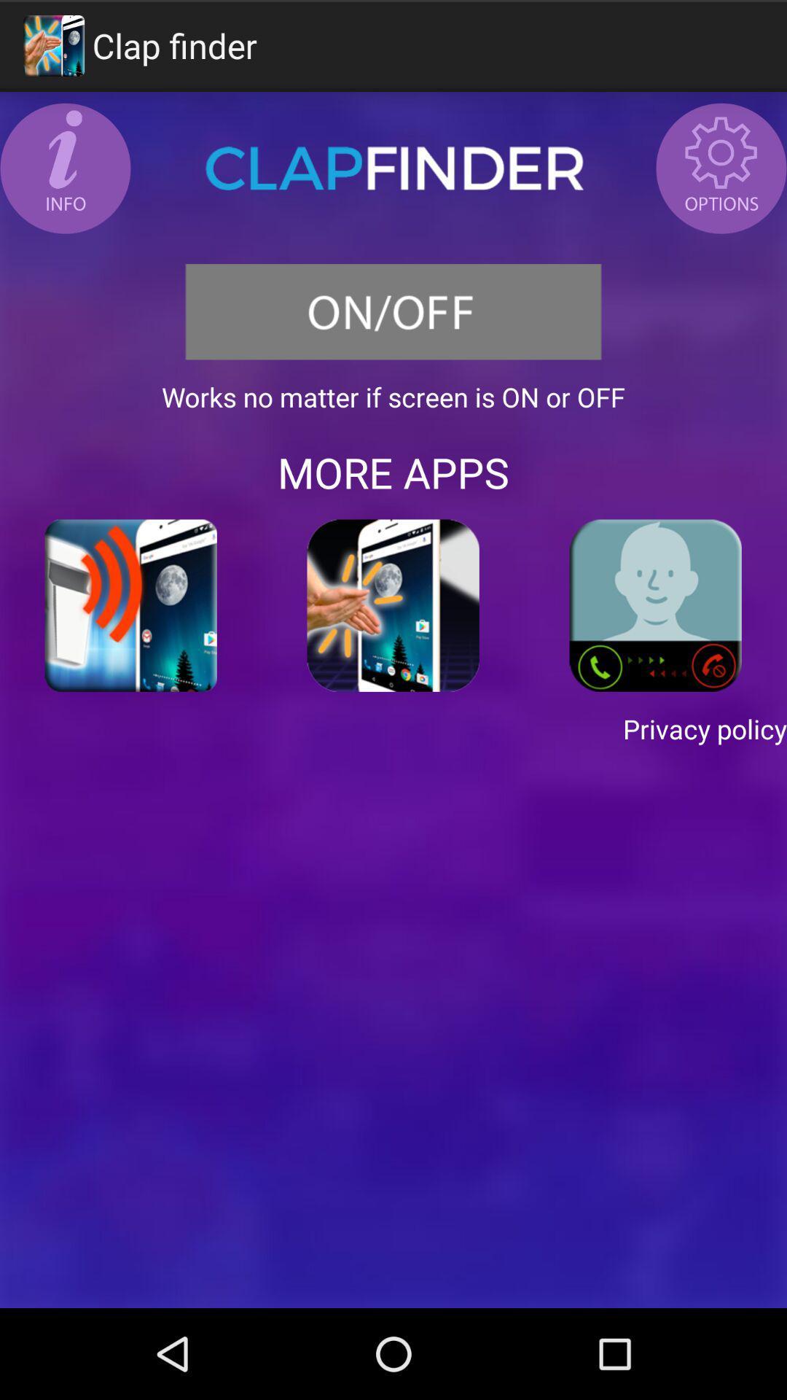 Image resolution: width=787 pixels, height=1400 pixels. I want to click on open options menu, so click(721, 168).